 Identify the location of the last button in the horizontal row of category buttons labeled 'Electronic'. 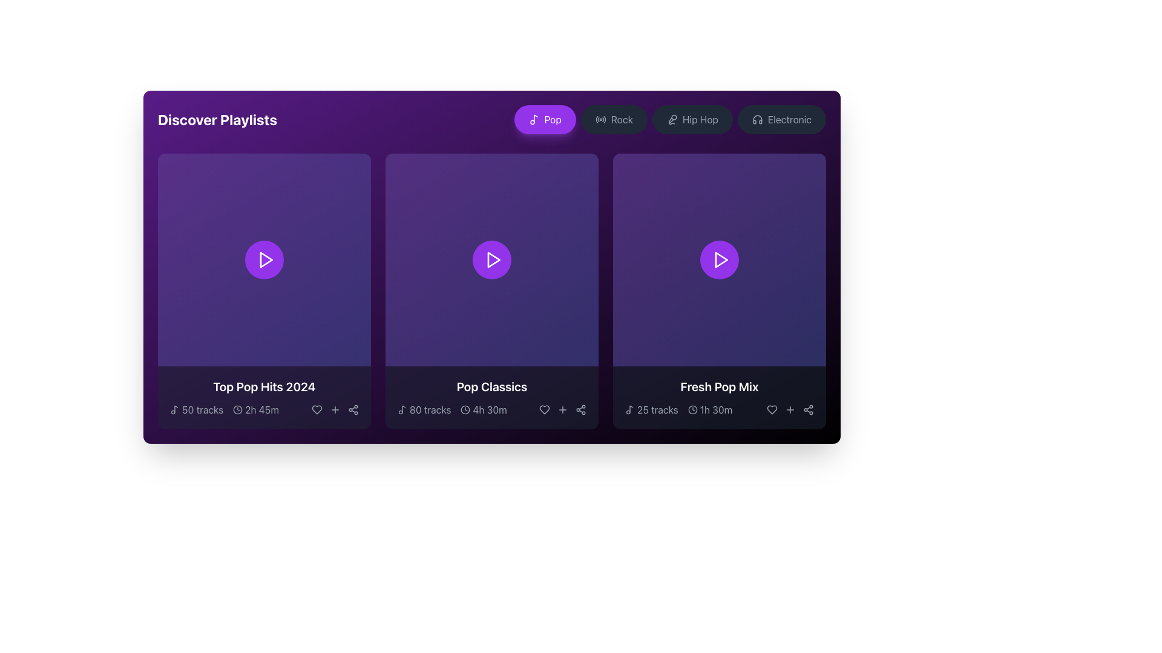
(790, 119).